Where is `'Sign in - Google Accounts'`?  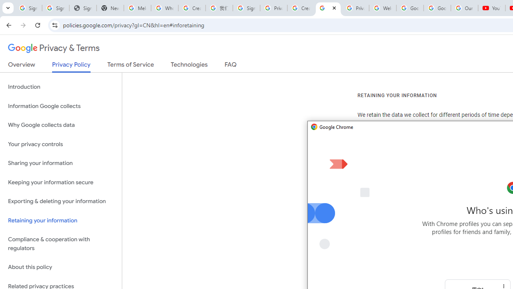 'Sign in - Google Accounts' is located at coordinates (246, 8).